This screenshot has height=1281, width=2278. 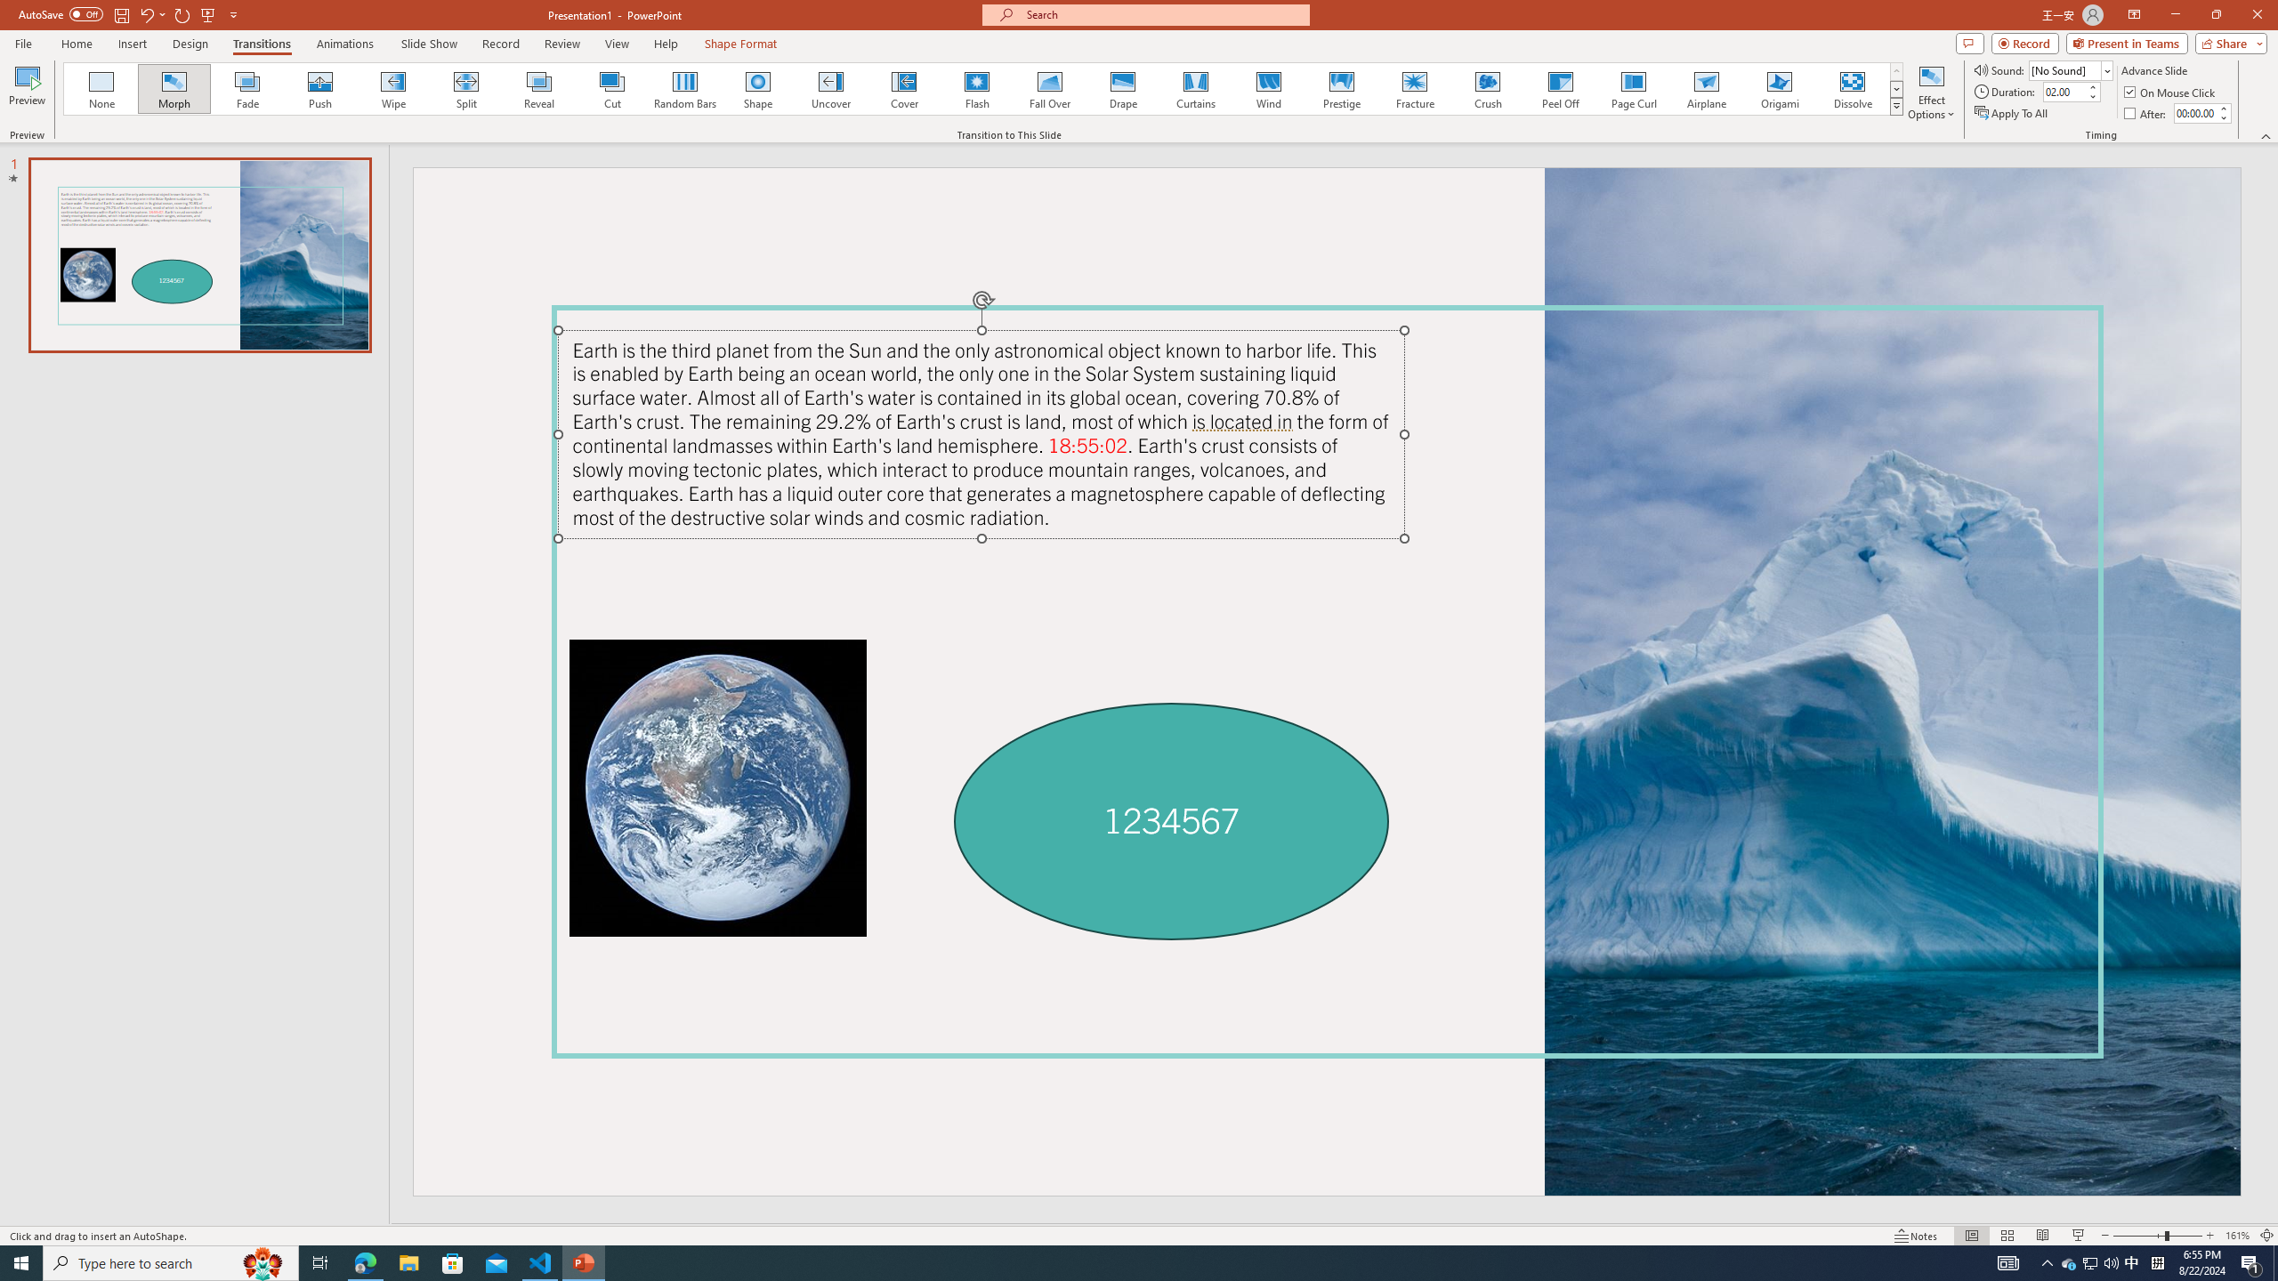 What do you see at coordinates (1196, 88) in the screenshot?
I see `'Curtains'` at bounding box center [1196, 88].